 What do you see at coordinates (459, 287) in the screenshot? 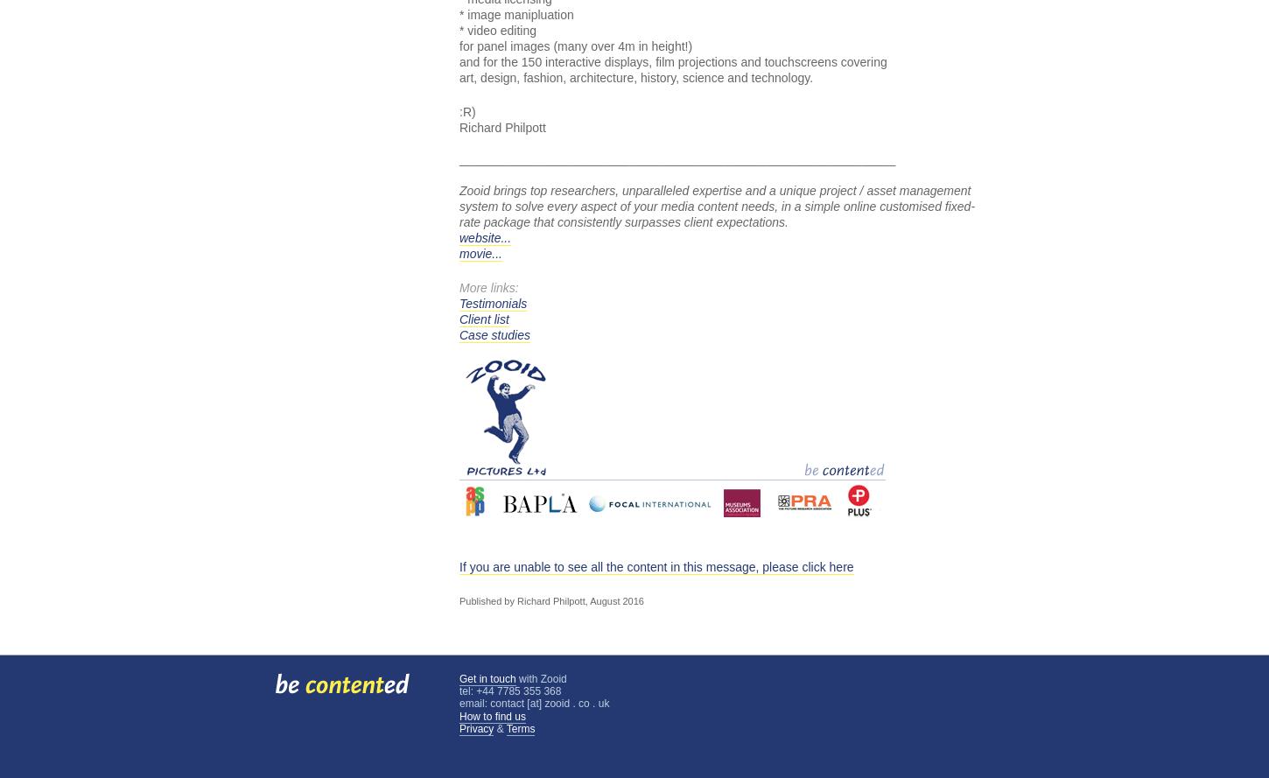
I see `'More links:'` at bounding box center [459, 287].